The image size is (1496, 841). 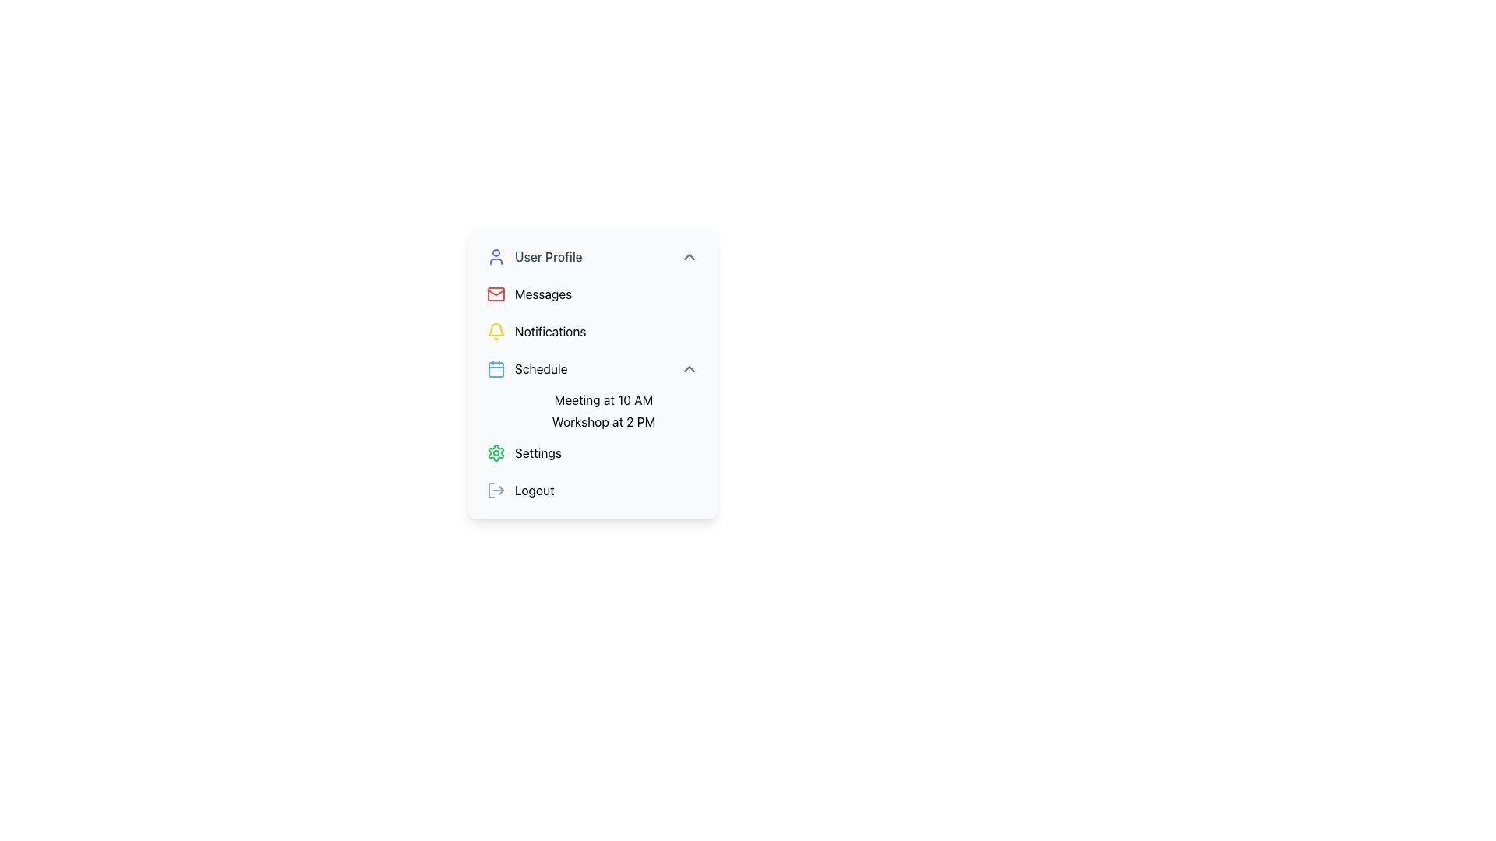 I want to click on 'Messages' text label, which is the second item in the vertical navigation menu, styled in a standard sans-serif font with black text color, so click(x=543, y=294).